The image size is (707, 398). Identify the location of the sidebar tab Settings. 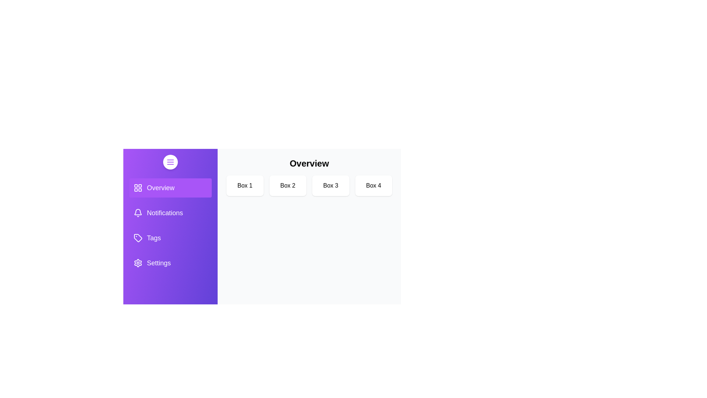
(170, 262).